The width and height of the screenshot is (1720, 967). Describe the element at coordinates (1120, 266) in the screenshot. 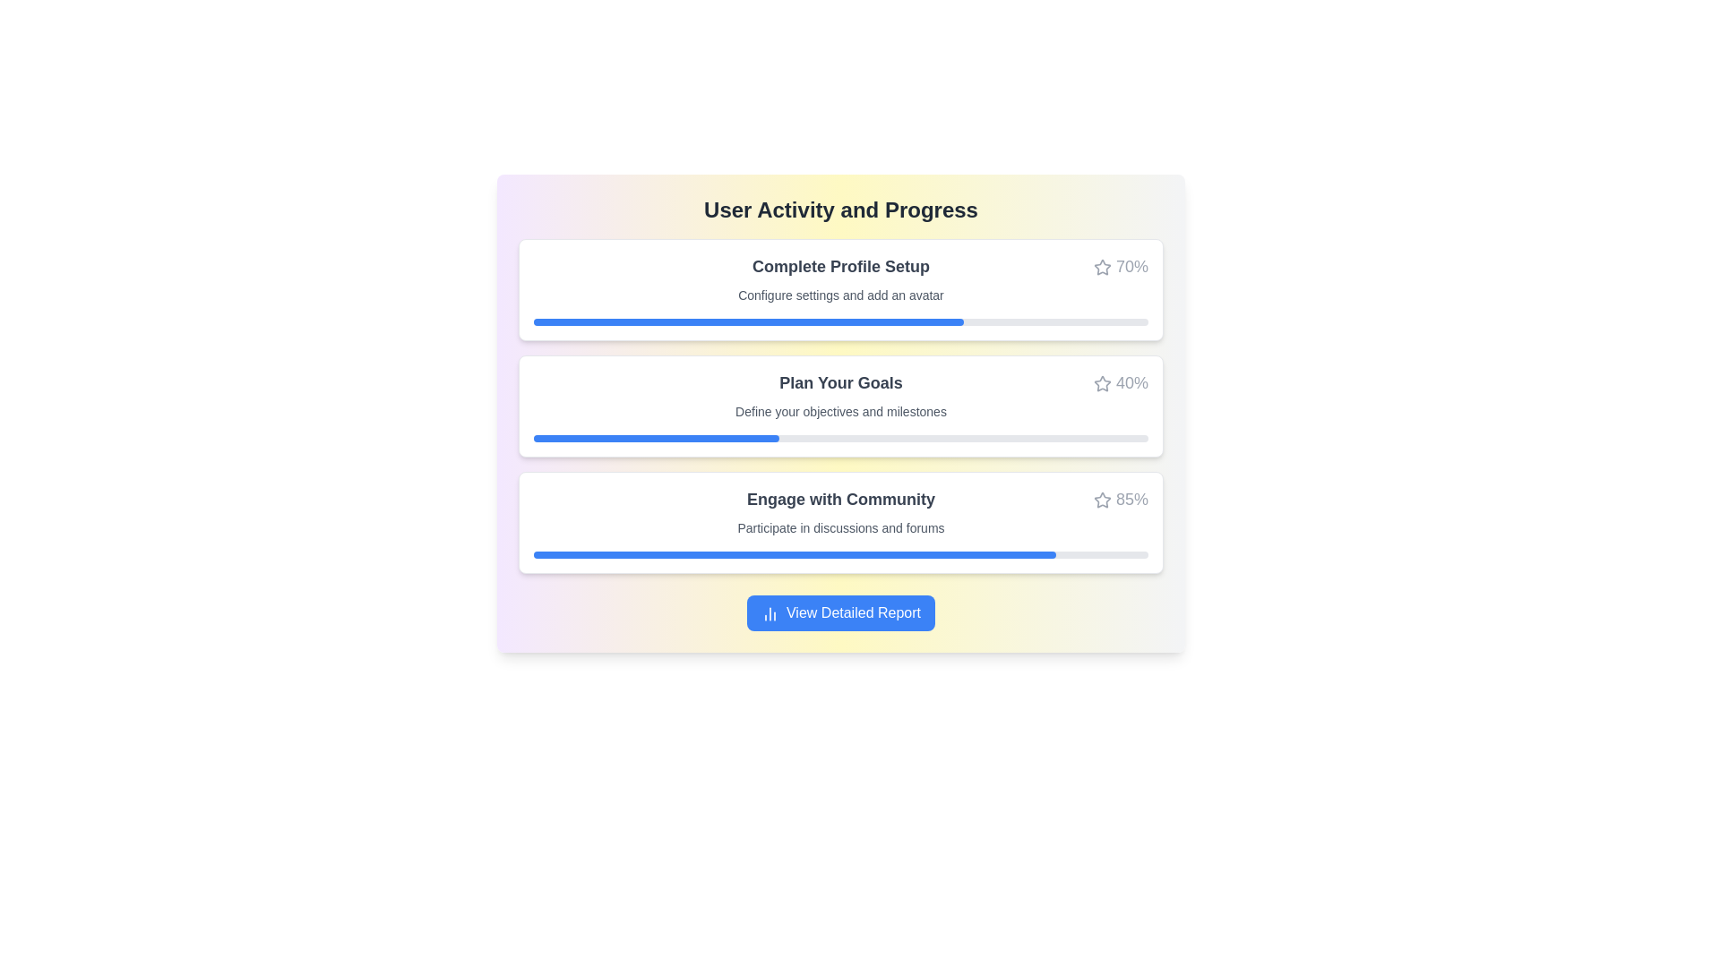

I see `the text label indicating the completion percentage of the 'Complete Profile Setup' task, located in the top-right corner of the card near the star icon` at that location.